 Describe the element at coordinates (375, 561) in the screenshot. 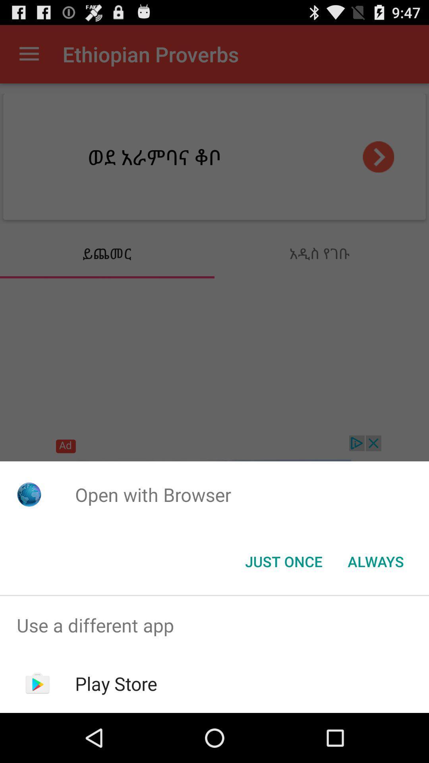

I see `the item below open with browser icon` at that location.